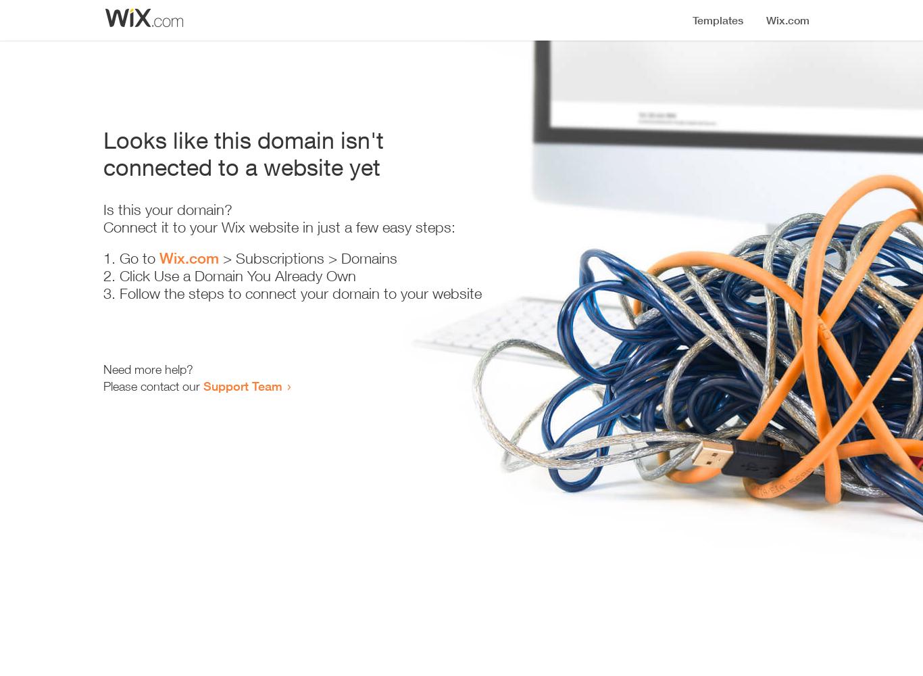  What do you see at coordinates (242, 385) in the screenshot?
I see `'Support Team'` at bounding box center [242, 385].